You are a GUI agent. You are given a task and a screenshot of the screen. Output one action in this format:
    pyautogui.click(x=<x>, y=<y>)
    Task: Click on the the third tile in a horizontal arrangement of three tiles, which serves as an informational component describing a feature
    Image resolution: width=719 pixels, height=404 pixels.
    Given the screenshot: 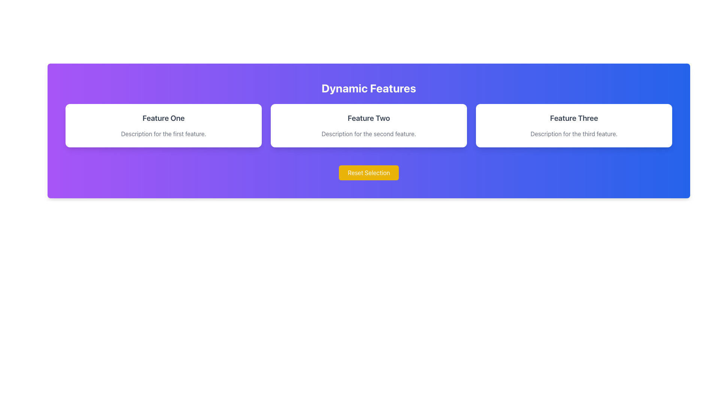 What is the action you would take?
    pyautogui.click(x=573, y=125)
    